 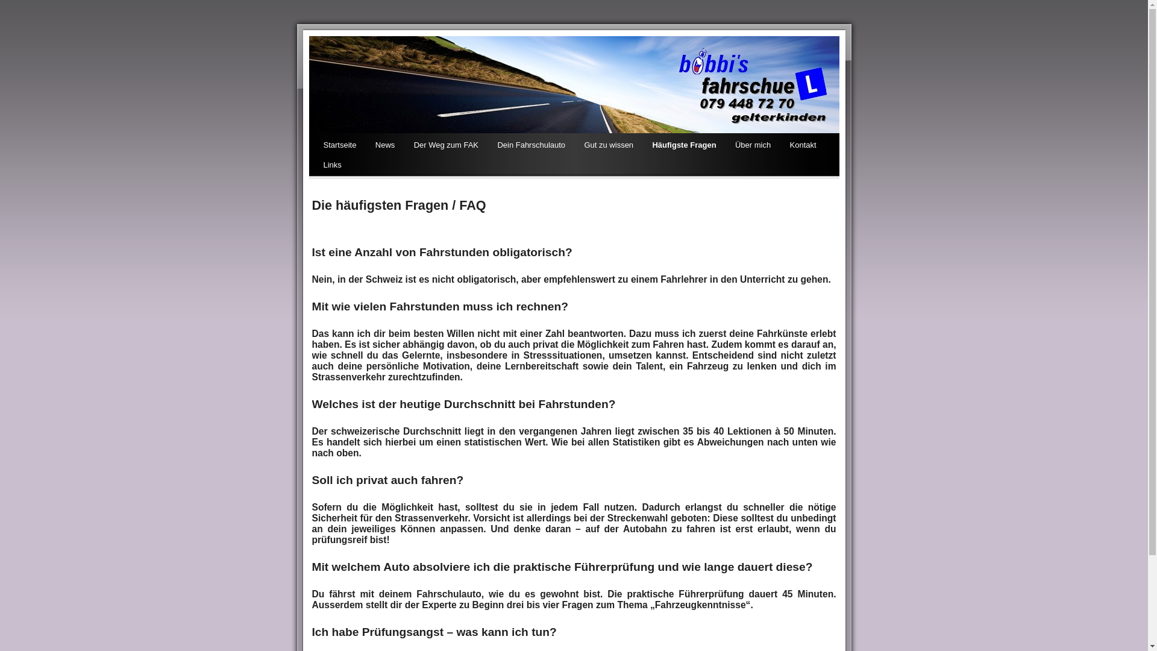 What do you see at coordinates (339, 145) in the screenshot?
I see `'Startseite'` at bounding box center [339, 145].